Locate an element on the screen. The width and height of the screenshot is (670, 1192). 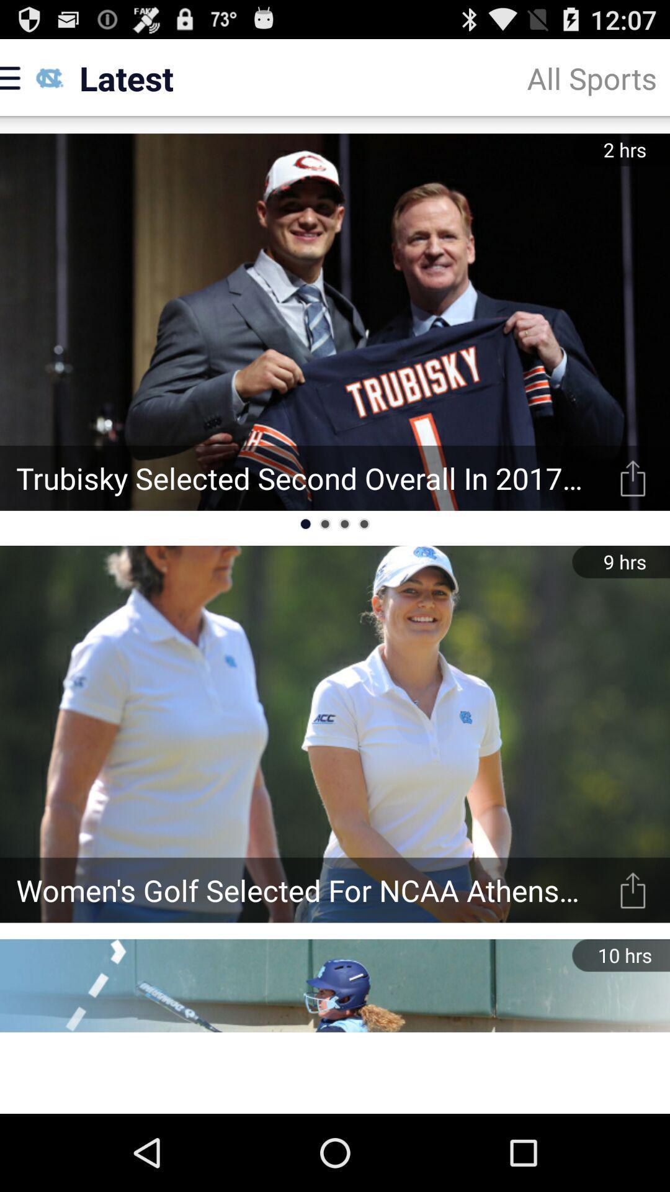
send button for social media is located at coordinates (633, 477).